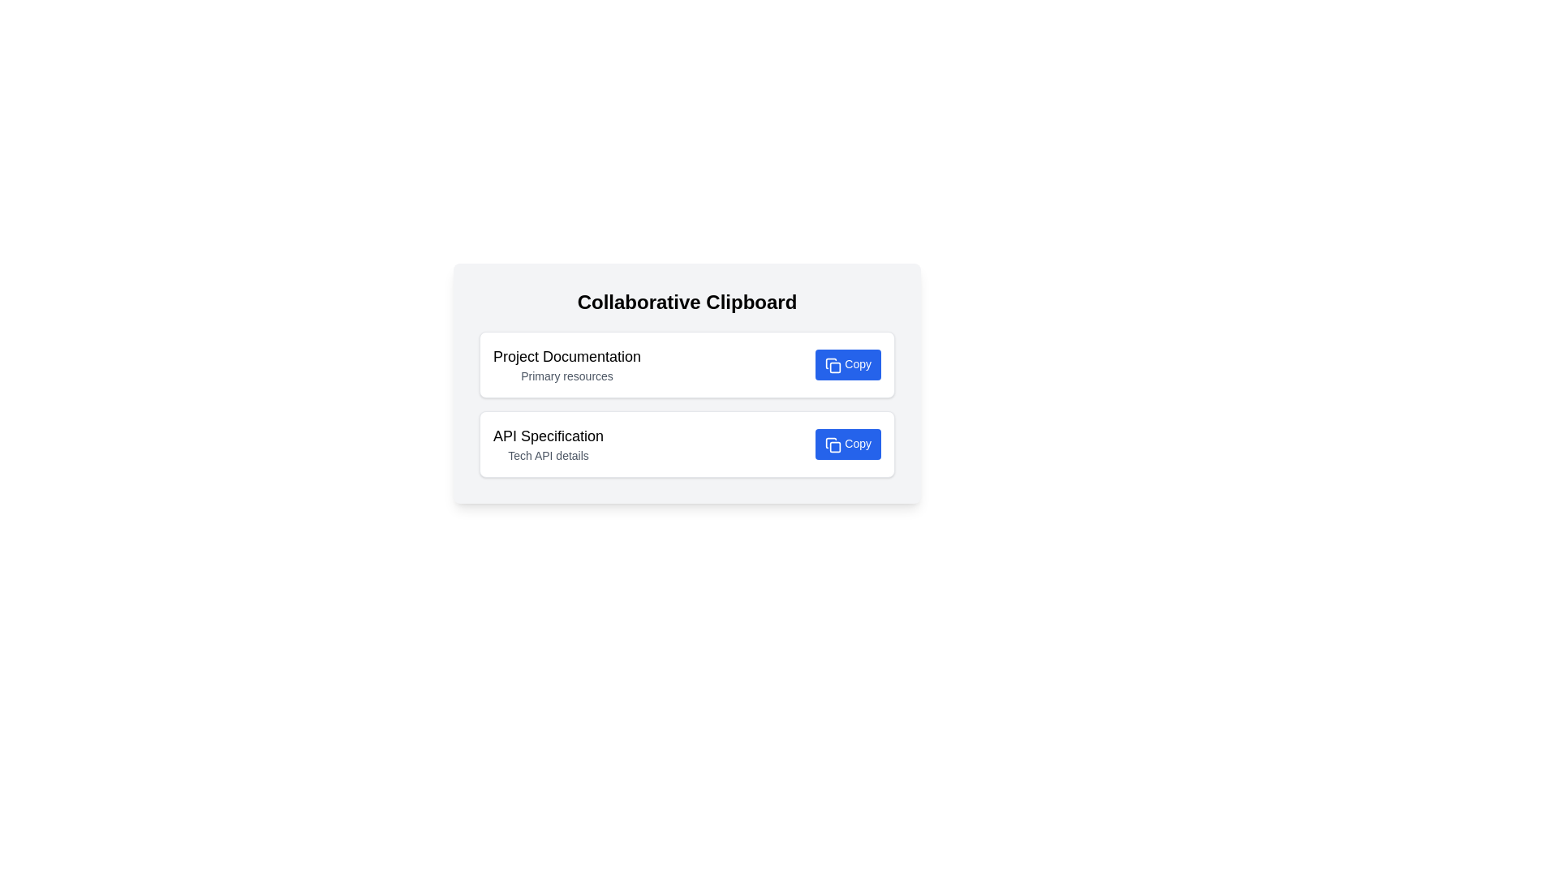  What do you see at coordinates (833, 365) in the screenshot?
I see `the clipboard icon within the 'Copy' button, which is a minimalistic blue icon resembling stacked squares` at bounding box center [833, 365].